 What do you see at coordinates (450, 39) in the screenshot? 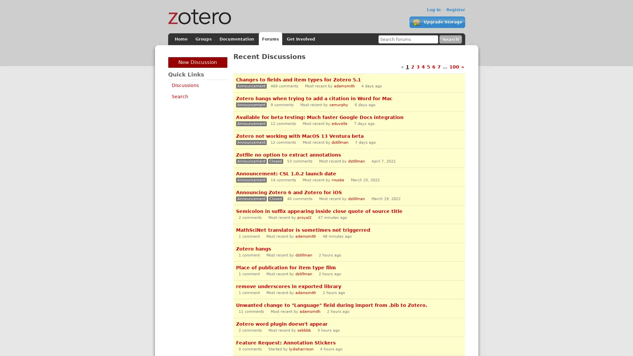
I see `Search` at bounding box center [450, 39].